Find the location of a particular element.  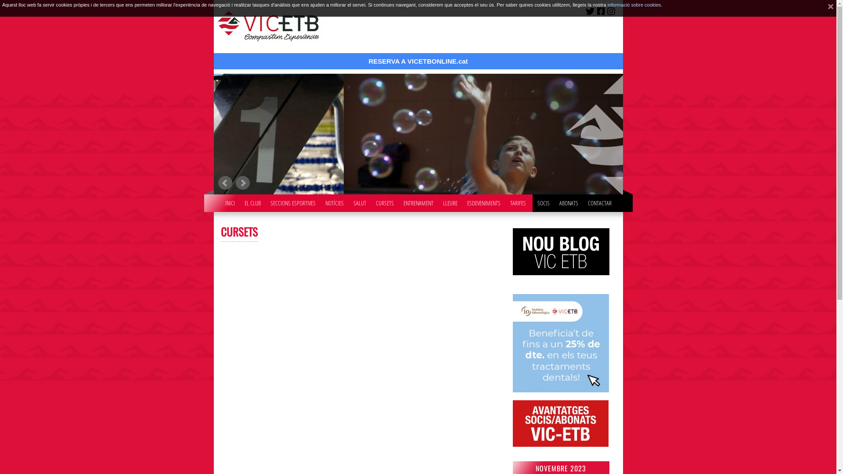

' ' is located at coordinates (826, 8).